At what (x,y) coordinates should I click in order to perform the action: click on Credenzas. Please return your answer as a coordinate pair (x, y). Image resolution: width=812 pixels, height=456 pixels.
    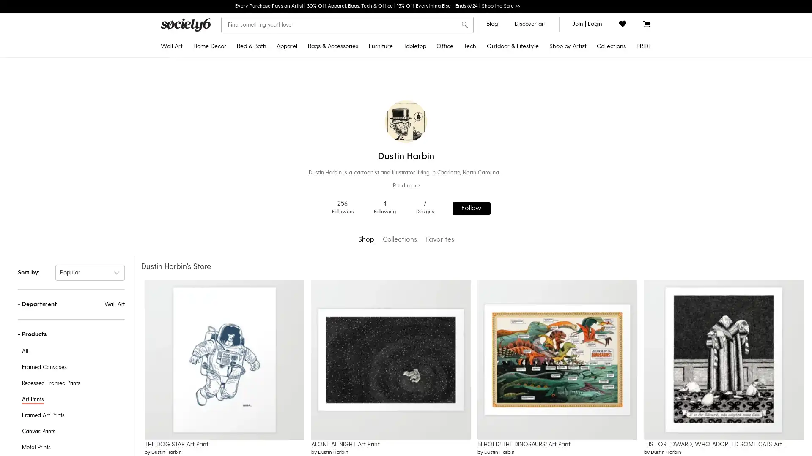
    Looking at the image, I should click on (395, 68).